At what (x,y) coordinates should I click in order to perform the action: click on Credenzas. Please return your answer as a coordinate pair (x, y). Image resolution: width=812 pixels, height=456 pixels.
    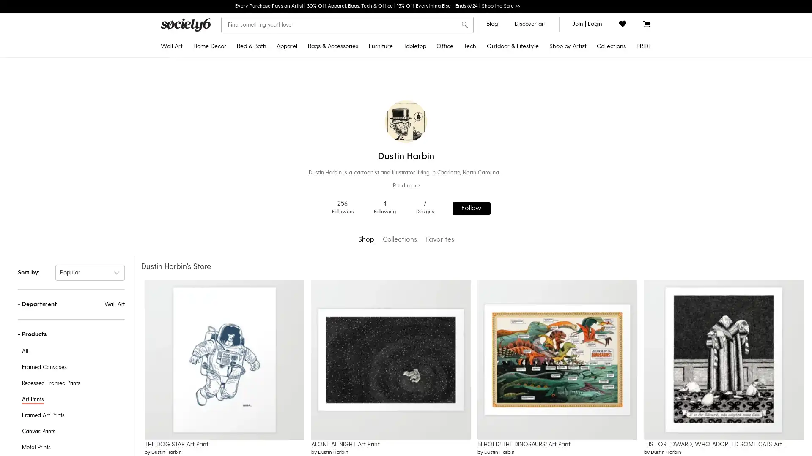
    Looking at the image, I should click on (395, 68).